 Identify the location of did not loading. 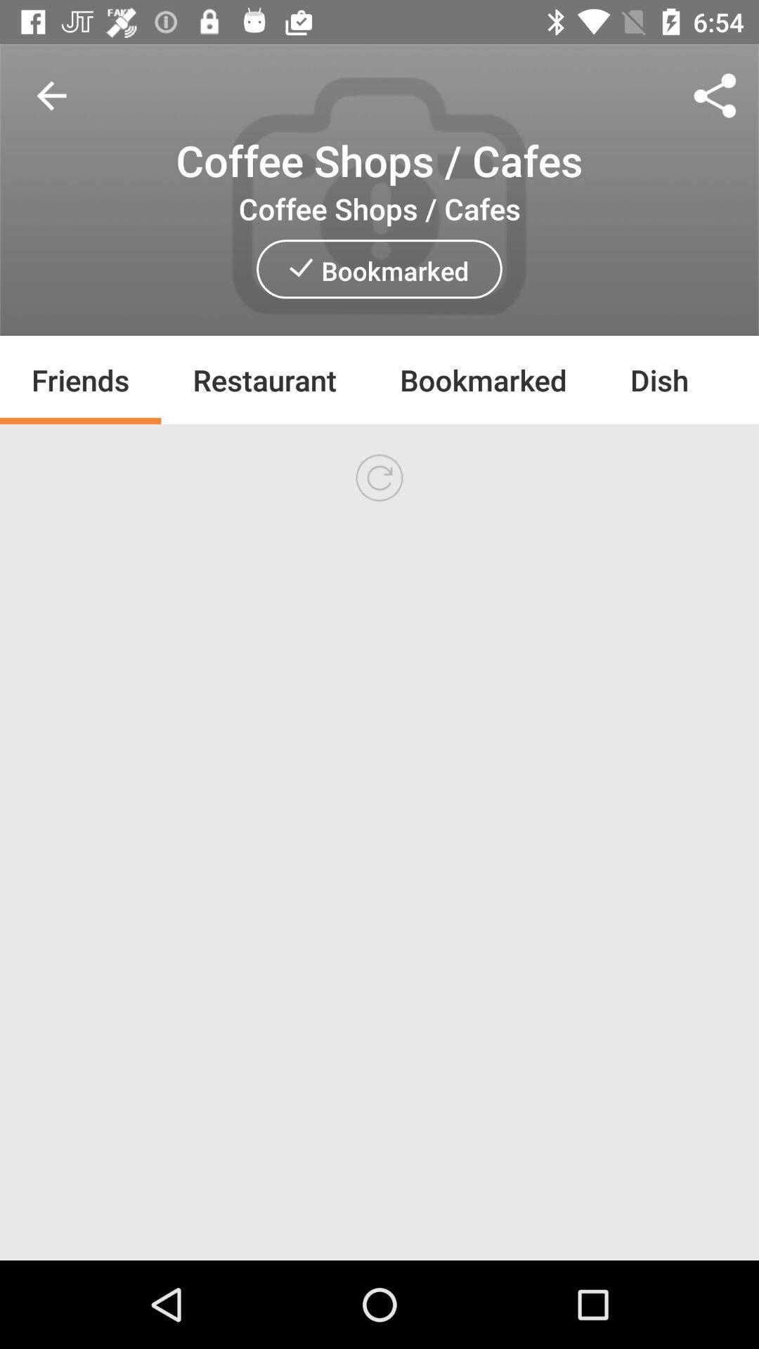
(379, 478).